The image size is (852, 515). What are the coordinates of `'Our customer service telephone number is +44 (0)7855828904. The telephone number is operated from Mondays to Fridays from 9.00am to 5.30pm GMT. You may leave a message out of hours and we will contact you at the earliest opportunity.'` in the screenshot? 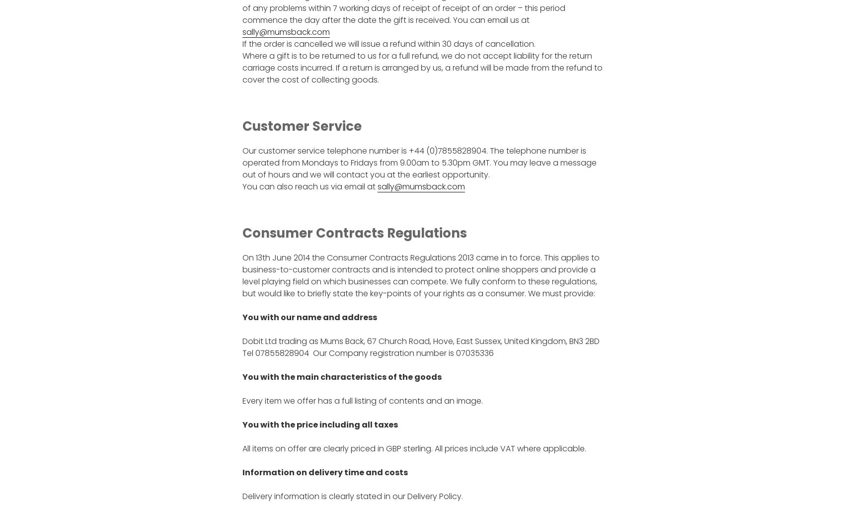 It's located at (418, 163).